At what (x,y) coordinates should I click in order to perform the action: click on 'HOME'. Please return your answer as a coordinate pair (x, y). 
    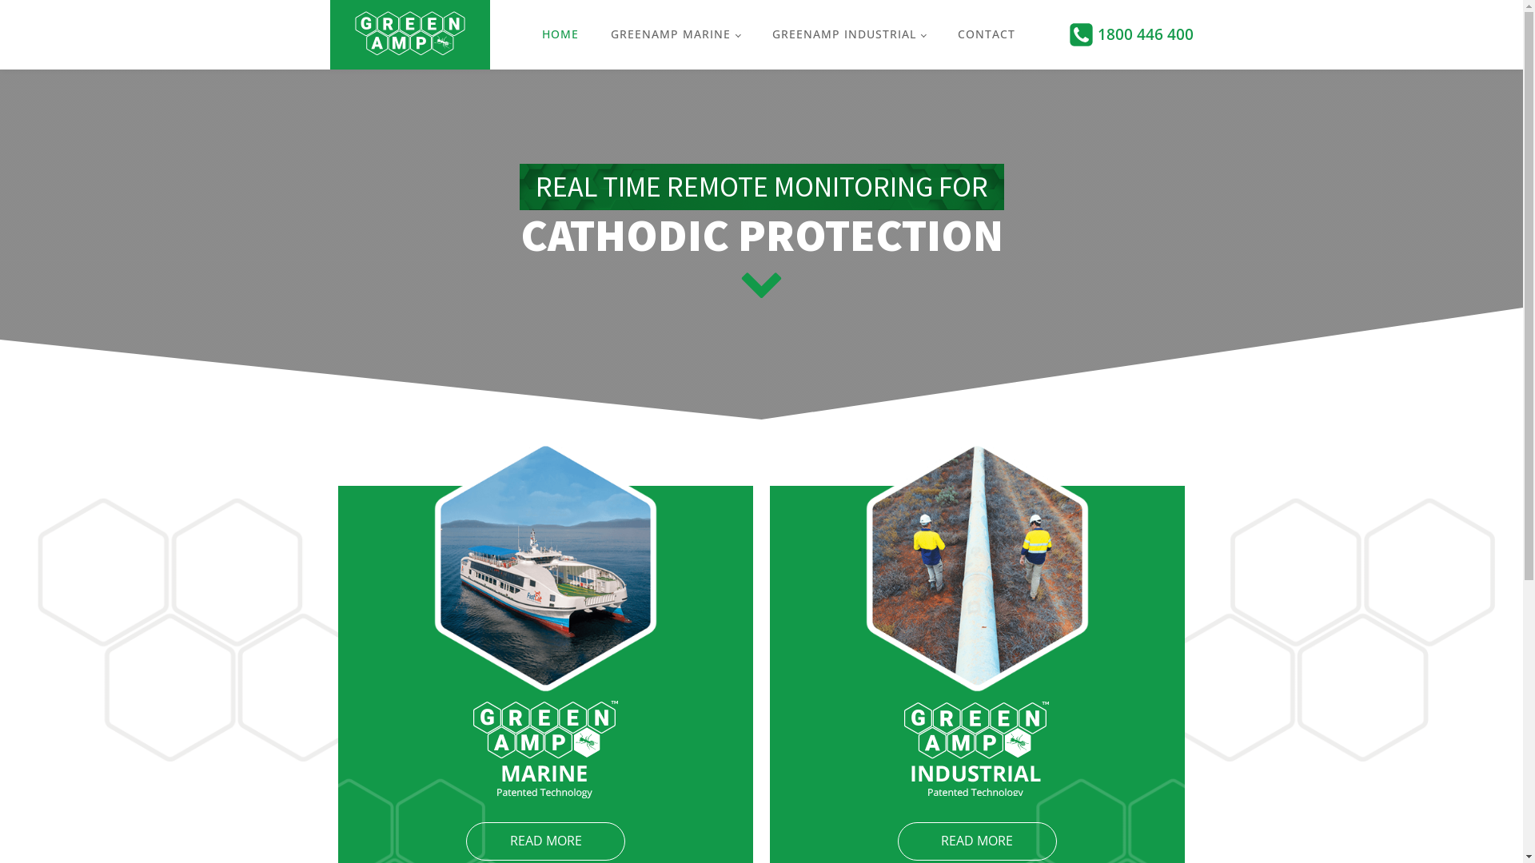
    Looking at the image, I should click on (560, 34).